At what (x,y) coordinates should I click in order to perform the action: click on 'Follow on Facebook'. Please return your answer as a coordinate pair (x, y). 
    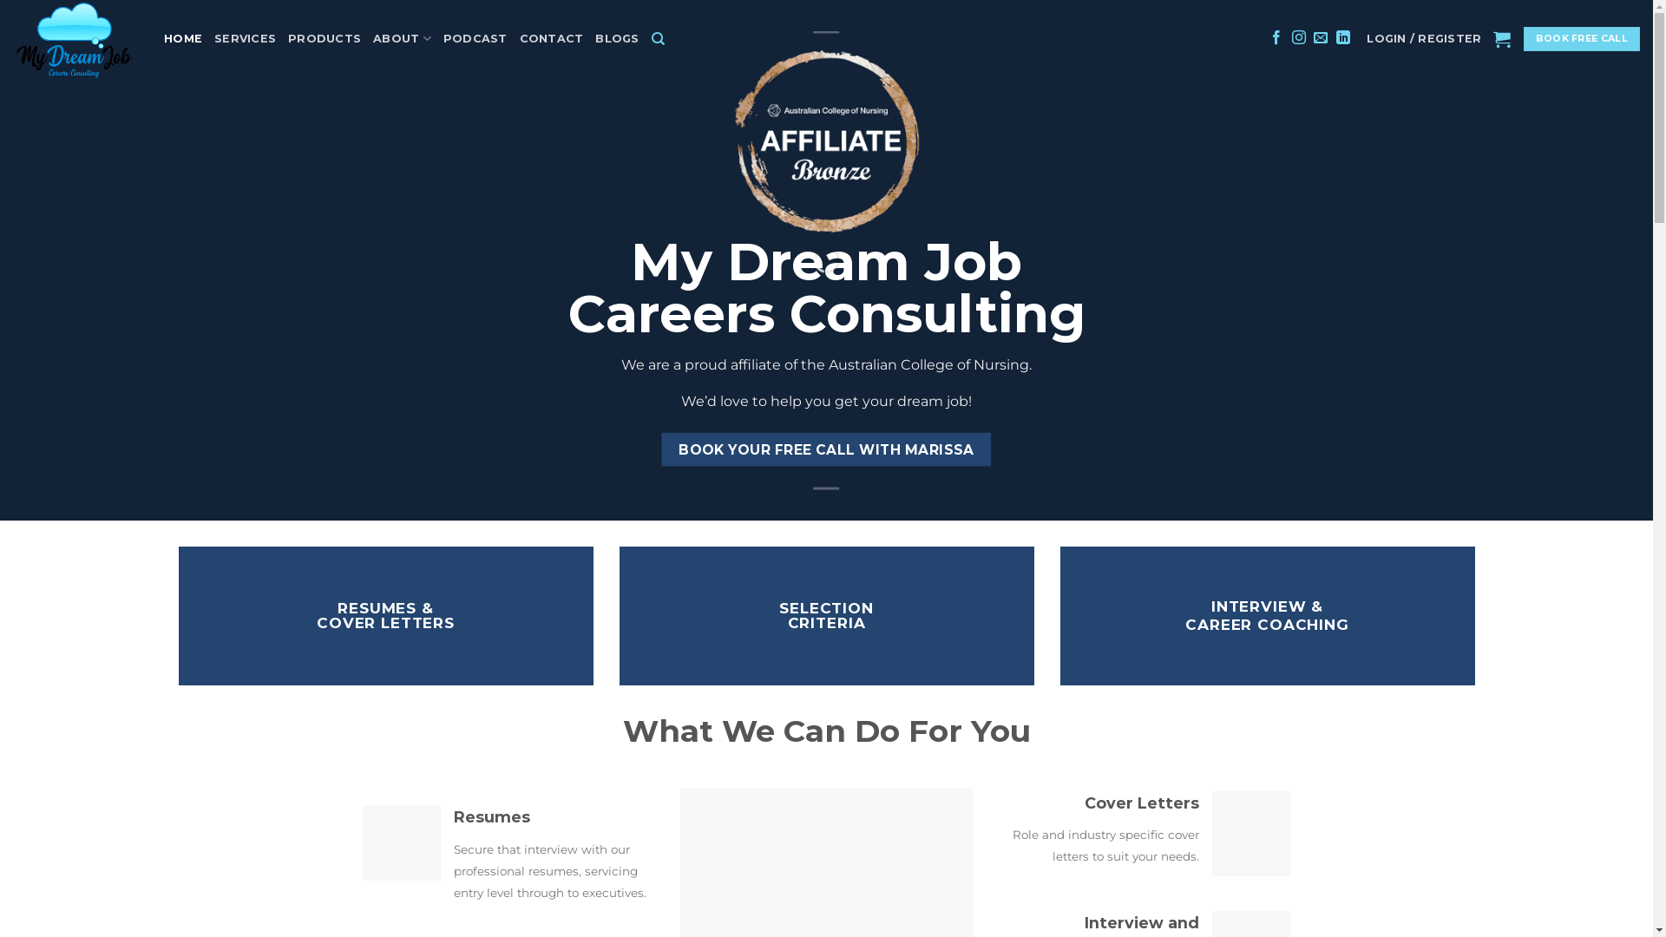
    Looking at the image, I should click on (1269, 37).